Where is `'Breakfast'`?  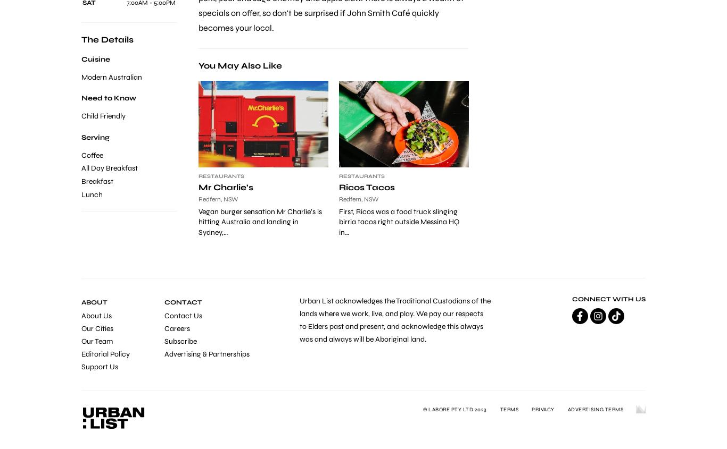
'Breakfast' is located at coordinates (97, 180).